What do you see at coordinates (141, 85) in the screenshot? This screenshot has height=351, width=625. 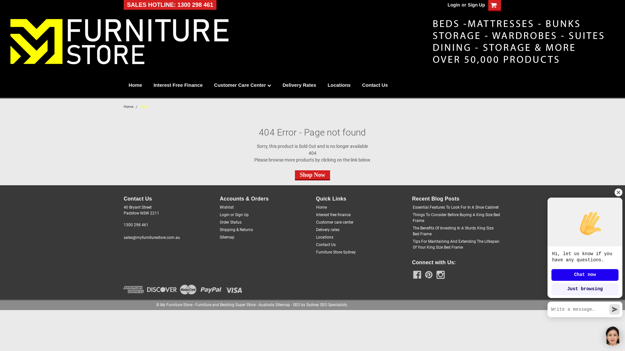 I see `'Home'` at bounding box center [141, 85].